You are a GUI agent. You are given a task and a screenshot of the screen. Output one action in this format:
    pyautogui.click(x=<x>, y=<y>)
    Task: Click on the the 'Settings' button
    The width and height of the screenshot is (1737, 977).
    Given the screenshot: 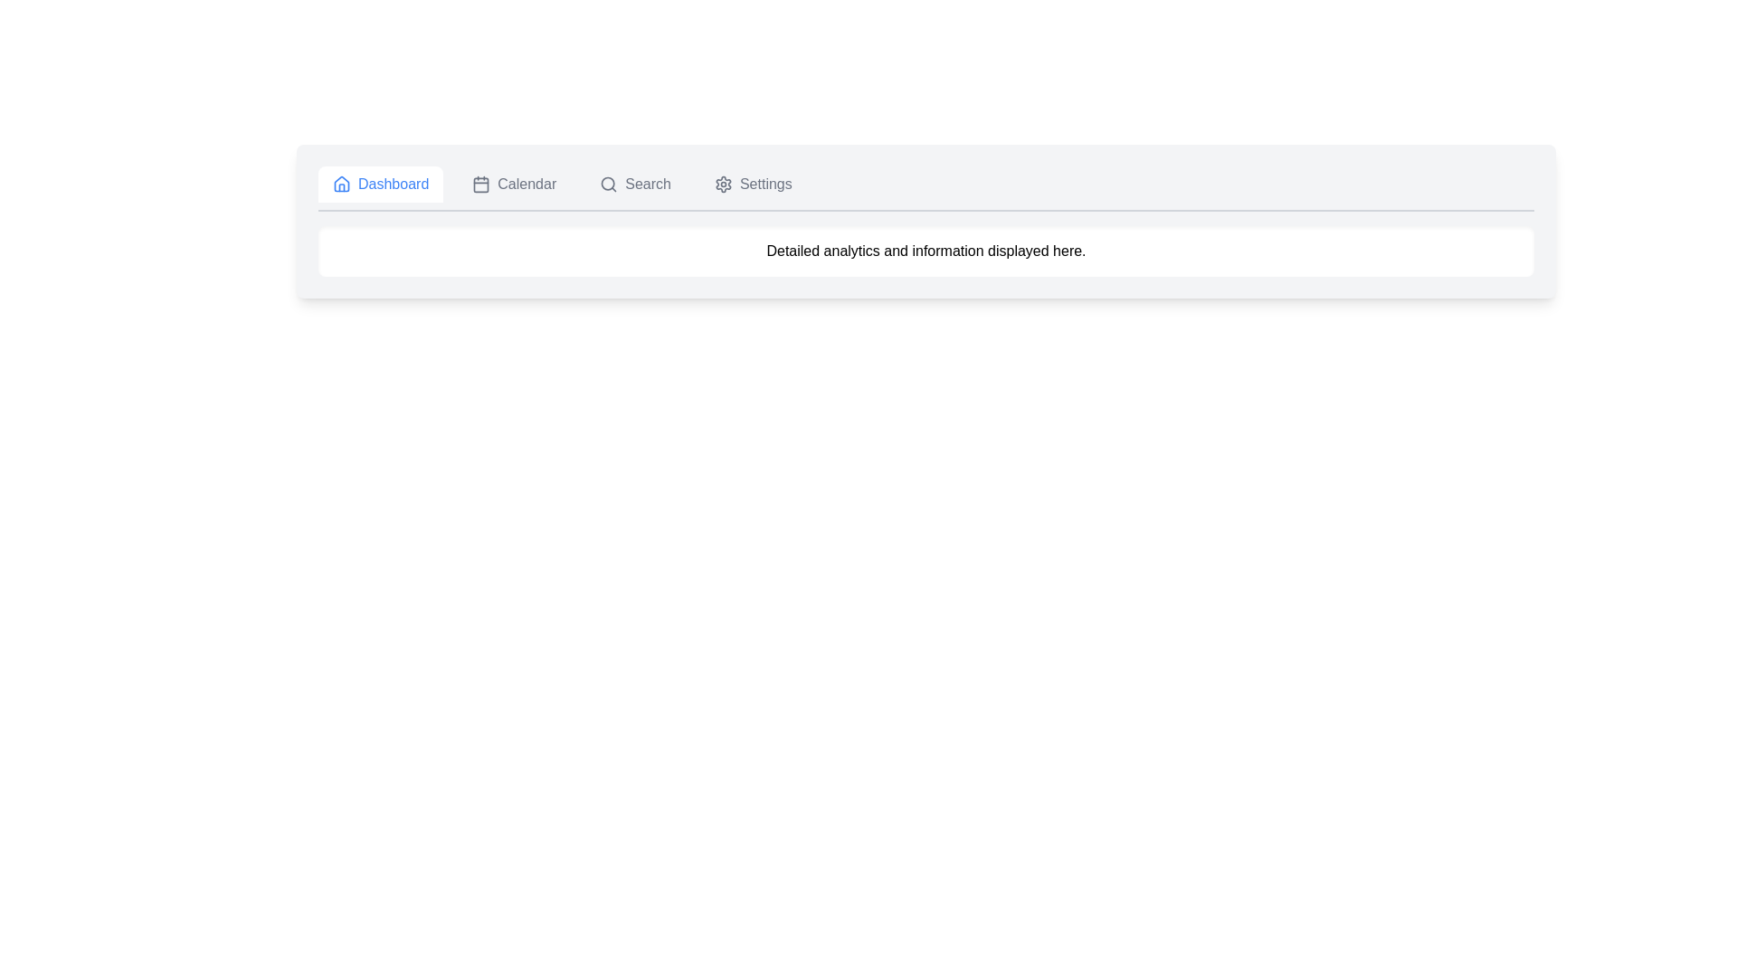 What is the action you would take?
    pyautogui.click(x=753, y=185)
    